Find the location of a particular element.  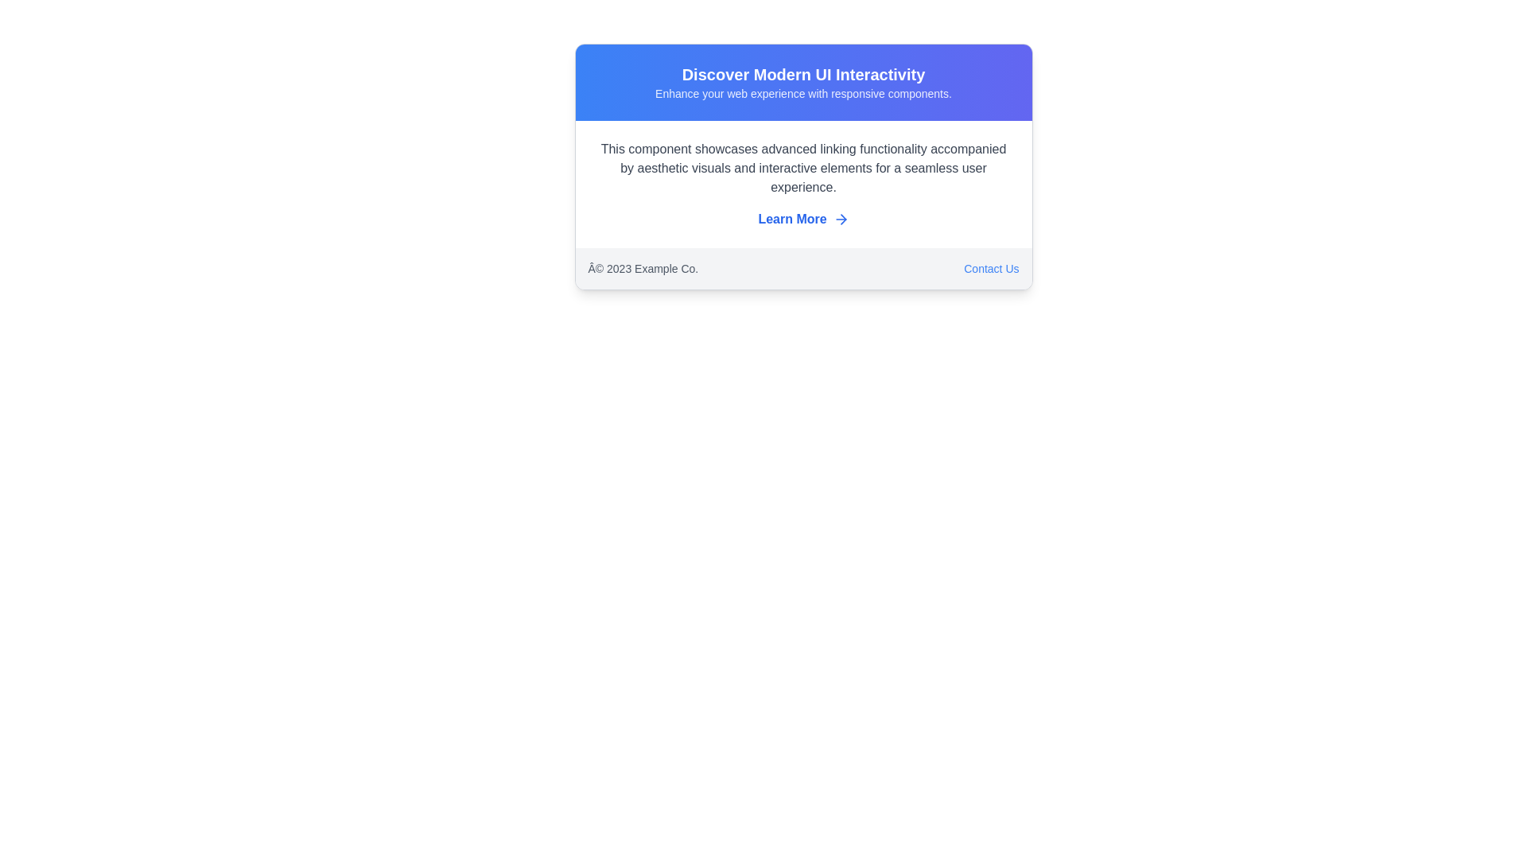

the directional indicator icon located towards the right end of the group, which signals navigation or progression is located at coordinates (842, 220).